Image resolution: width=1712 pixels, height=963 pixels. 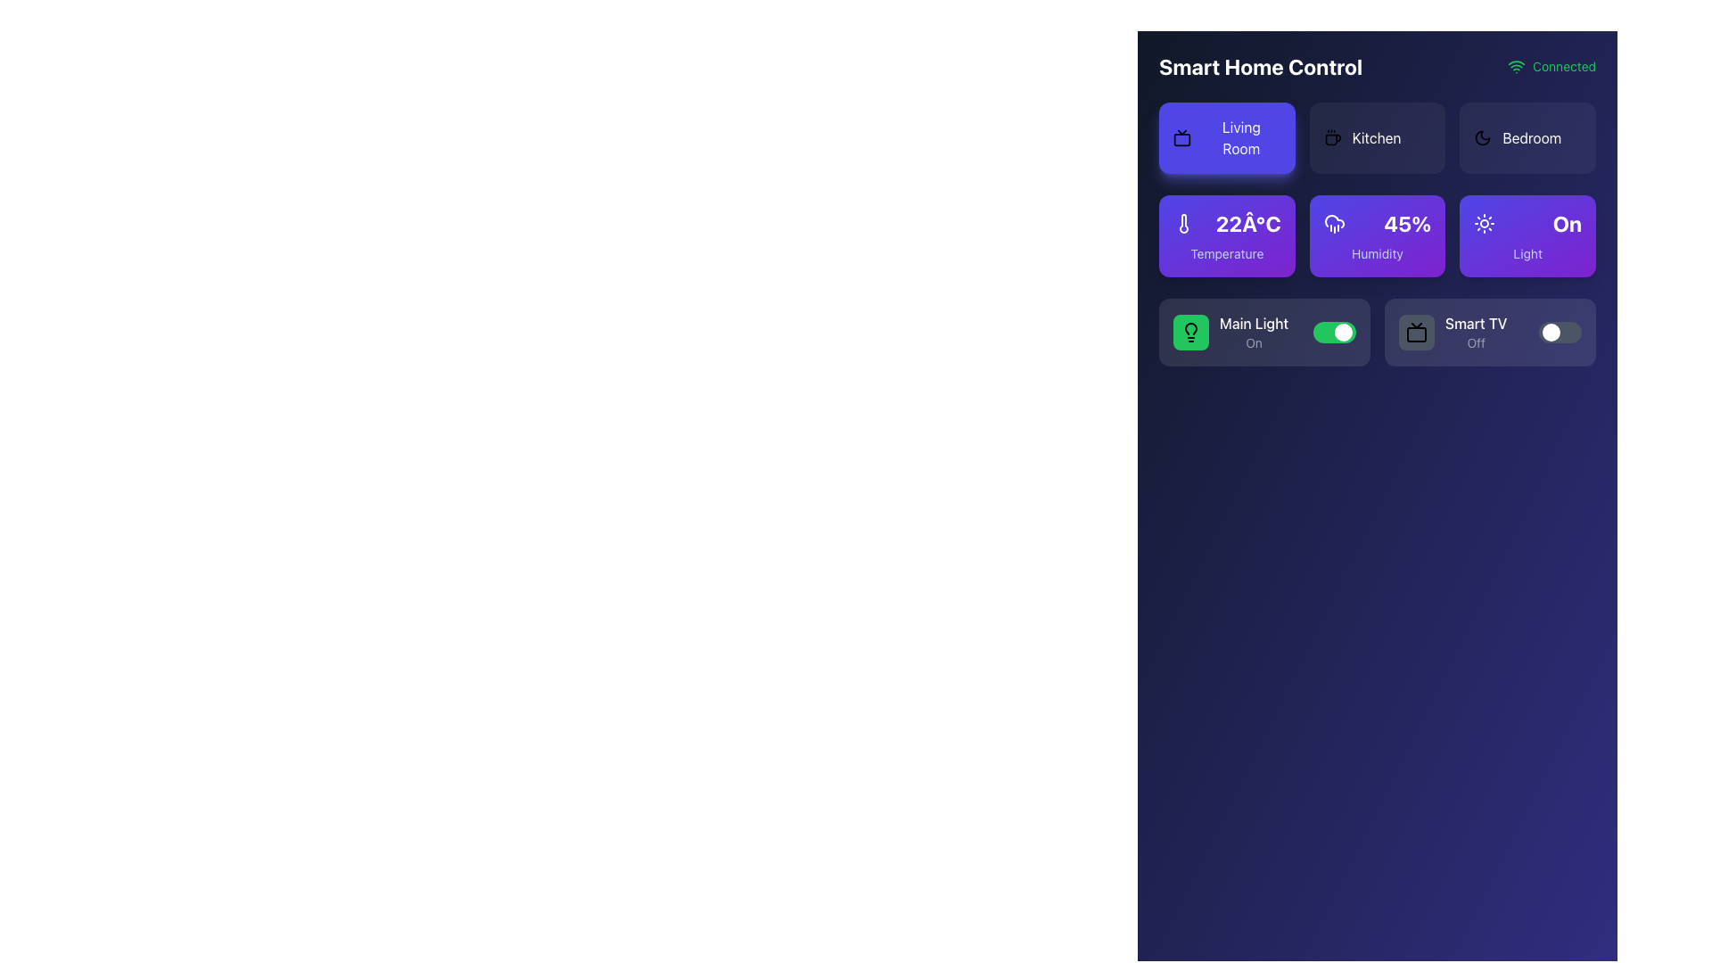 What do you see at coordinates (1490, 333) in the screenshot?
I see `the toggle switch of the 'Smart TV' device control toggle with status display to change its state` at bounding box center [1490, 333].